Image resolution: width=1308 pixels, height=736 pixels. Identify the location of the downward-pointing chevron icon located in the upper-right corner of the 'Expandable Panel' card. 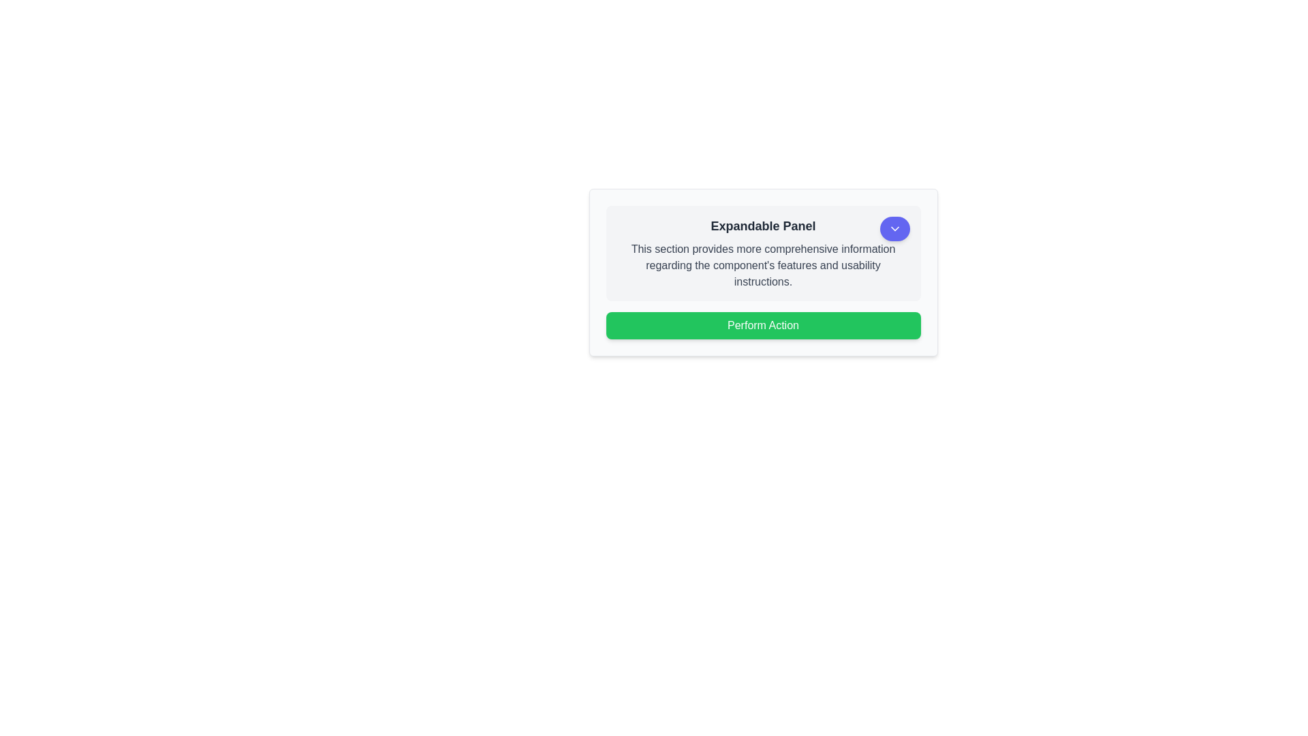
(894, 228).